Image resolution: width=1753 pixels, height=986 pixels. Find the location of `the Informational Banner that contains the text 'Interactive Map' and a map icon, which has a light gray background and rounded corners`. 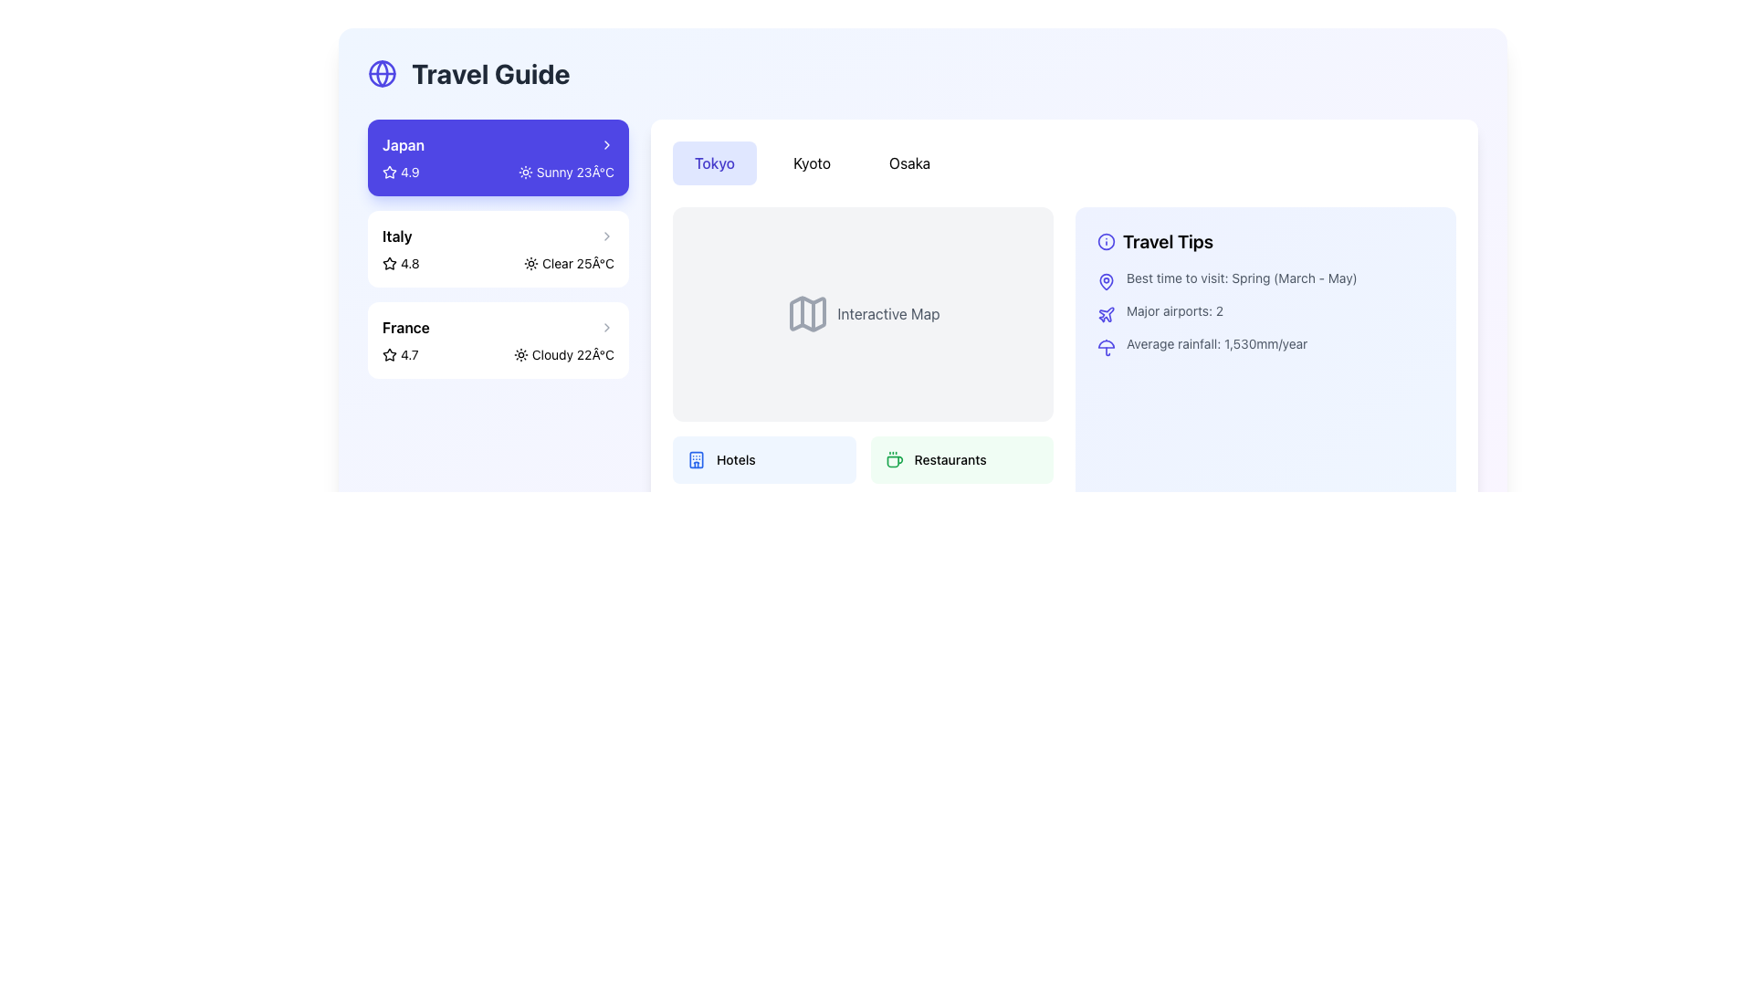

the Informational Banner that contains the text 'Interactive Map' and a map icon, which has a light gray background and rounded corners is located at coordinates (862, 313).